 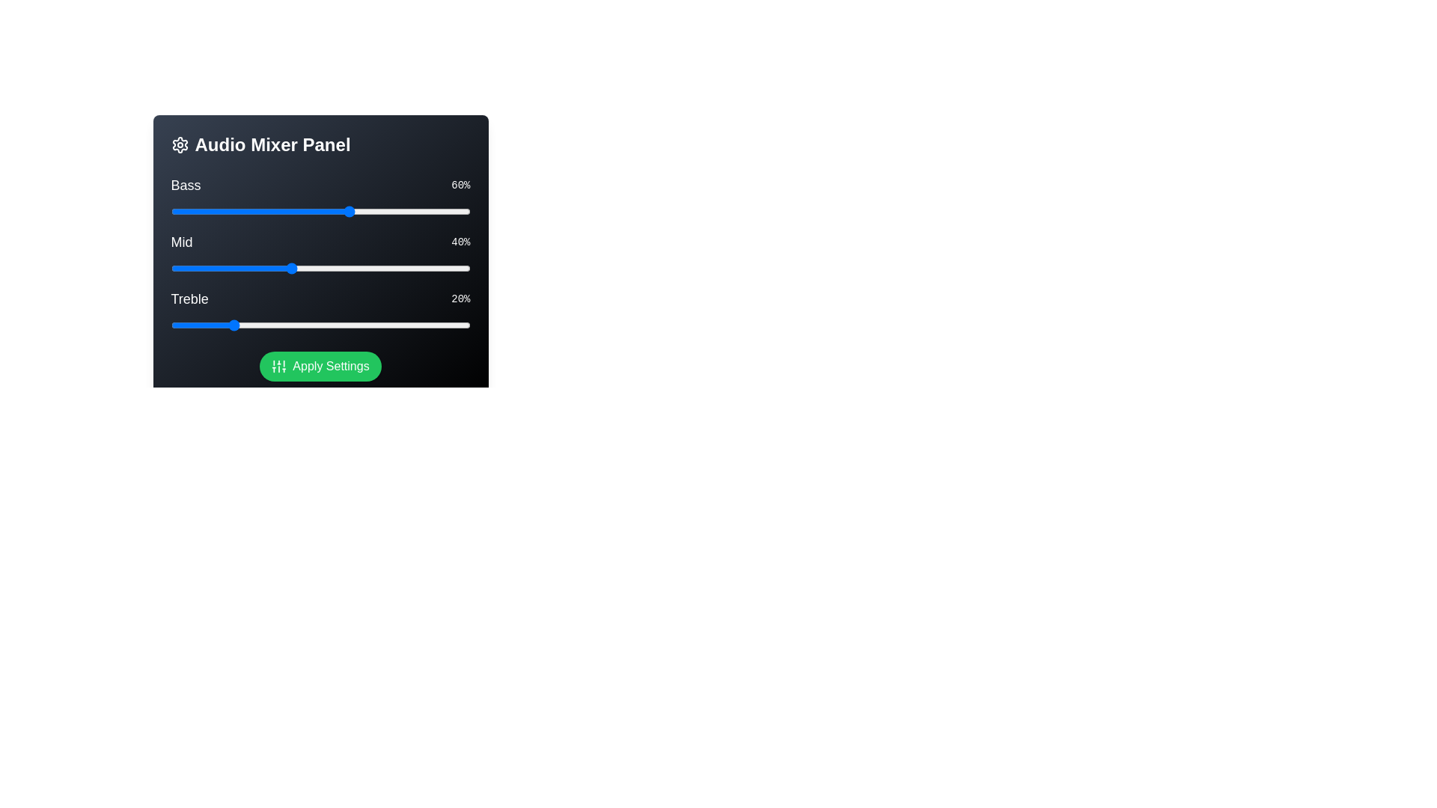 I want to click on the settings icon to reveal the tooltip, so click(x=180, y=144).